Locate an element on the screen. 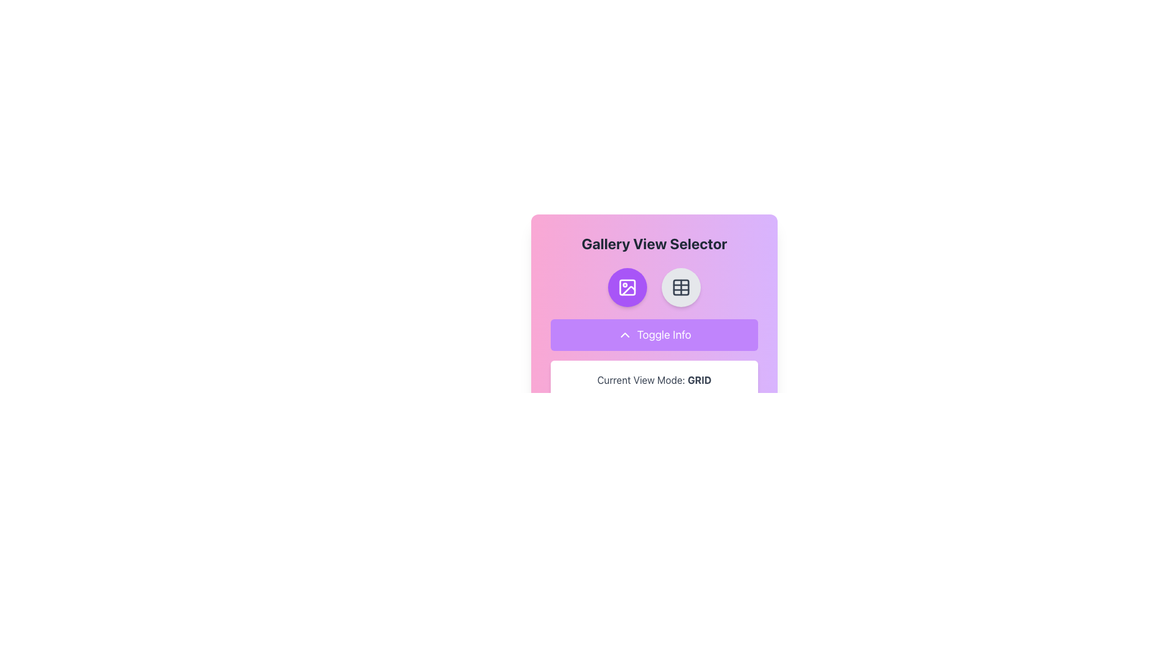 The image size is (1171, 658). one of the circular buttons located in the Modal or Info Panel, which has a white background and rounded corners, to switch between grid and other views is located at coordinates (654, 296).